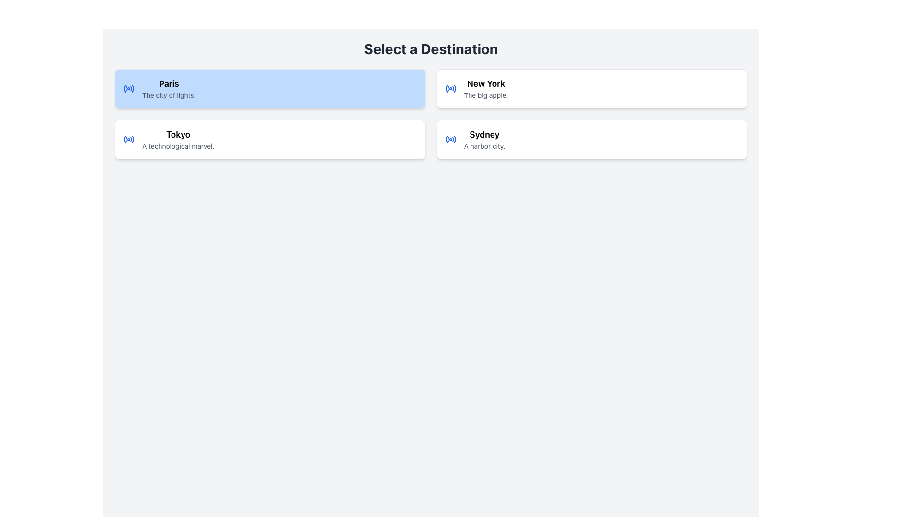  What do you see at coordinates (128, 139) in the screenshot?
I see `the blue radio wave icon located to the left of the text 'Tokyo' in the top-left corner of its containing card` at bounding box center [128, 139].